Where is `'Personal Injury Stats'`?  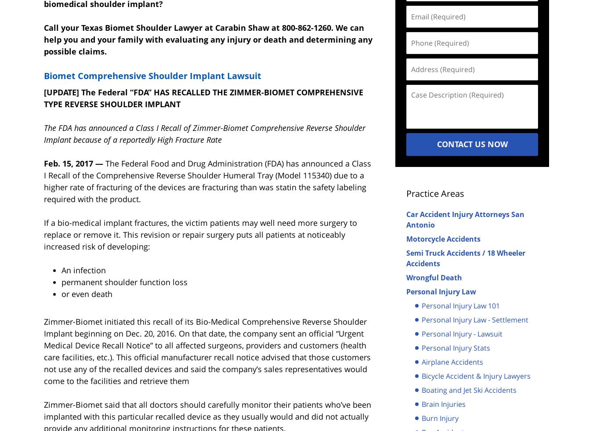
'Personal Injury Stats' is located at coordinates (456, 347).